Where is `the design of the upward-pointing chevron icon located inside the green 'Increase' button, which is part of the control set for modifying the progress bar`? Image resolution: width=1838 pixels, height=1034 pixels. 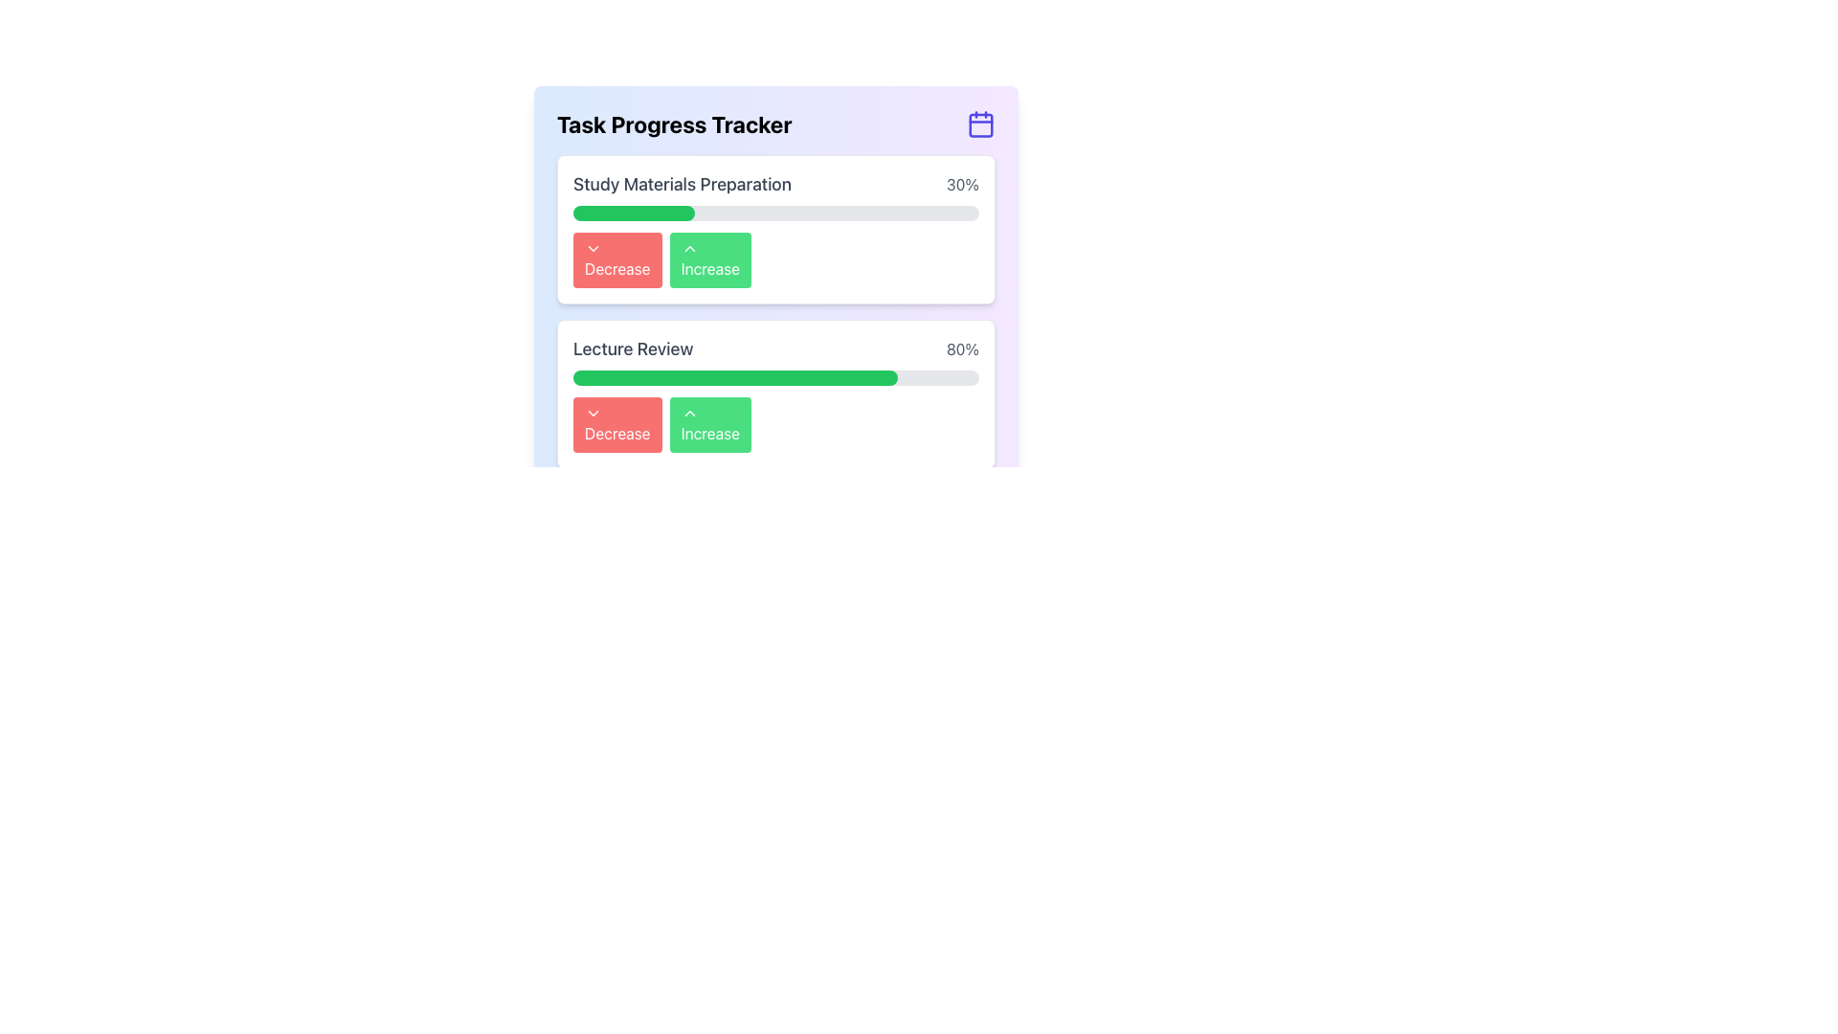 the design of the upward-pointing chevron icon located inside the green 'Increase' button, which is part of the control set for modifying the progress bar is located at coordinates (689, 247).